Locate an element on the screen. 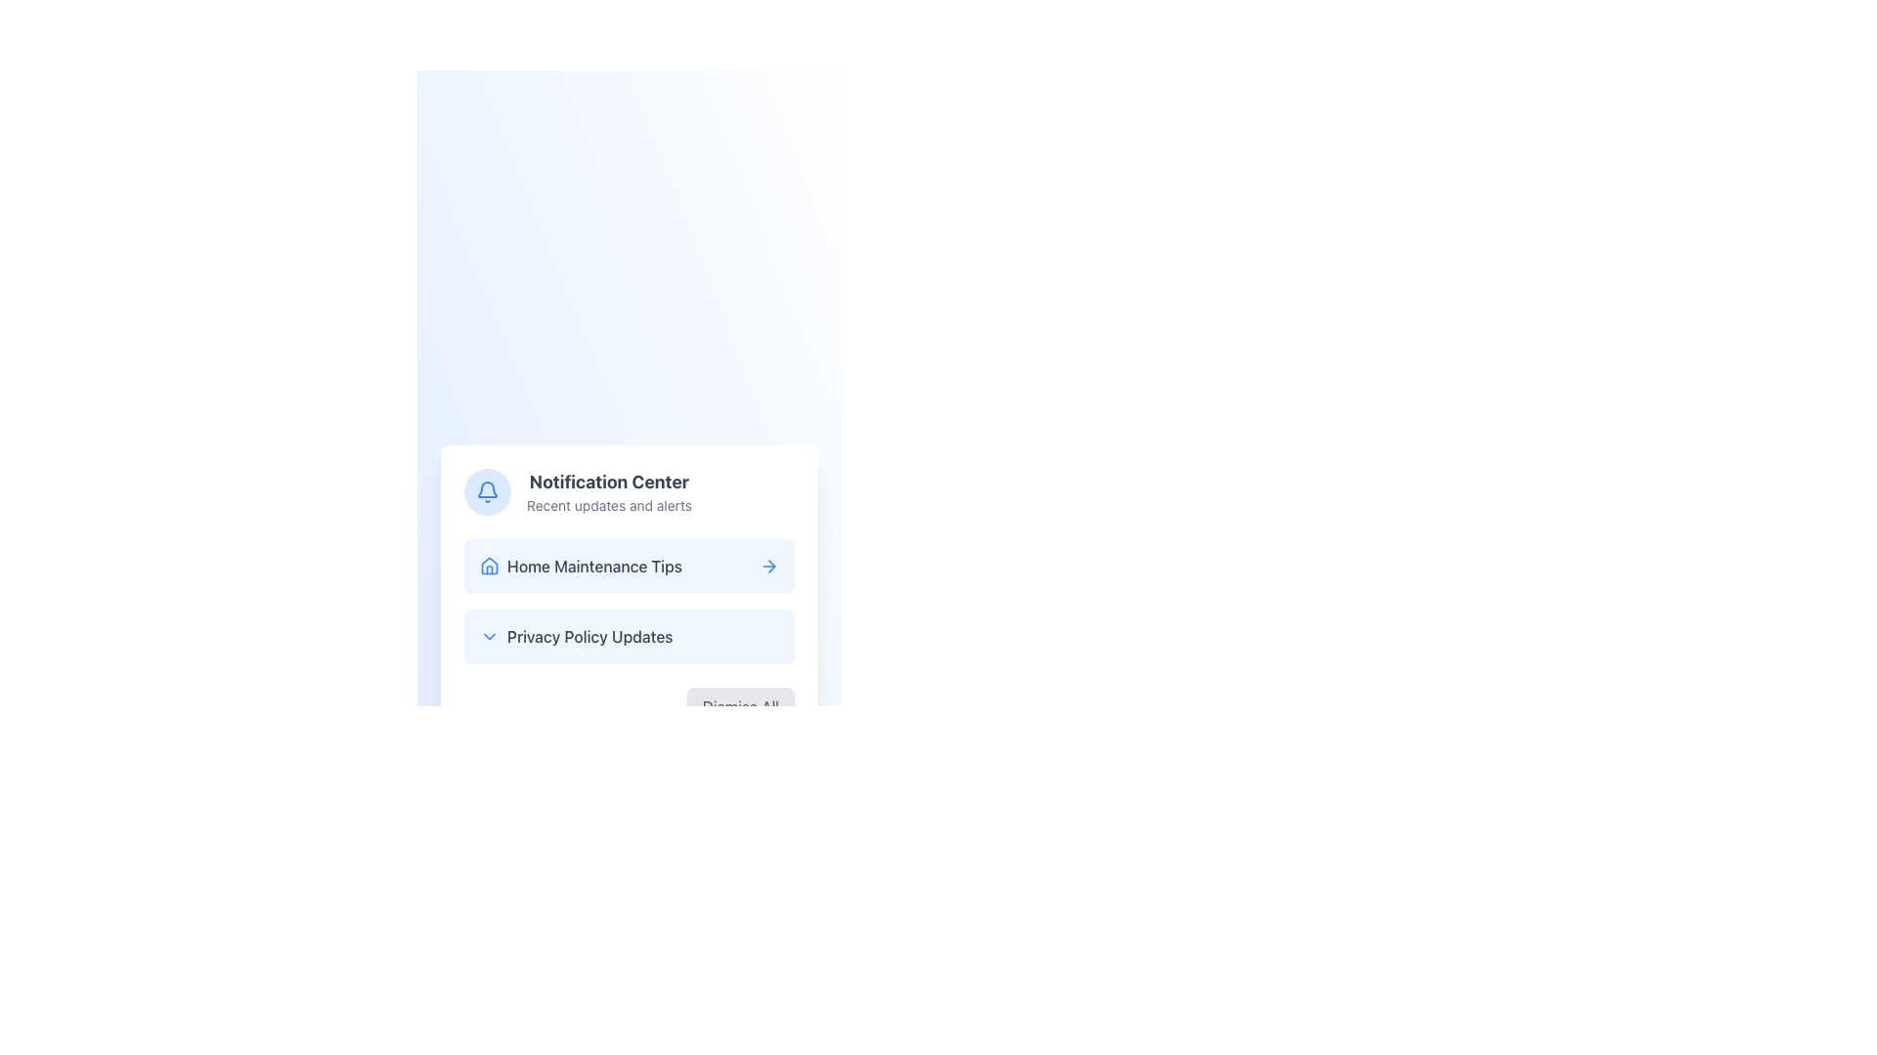  the 'Notification Center' text block which contains the title and subtitle, located is located at coordinates (608, 491).